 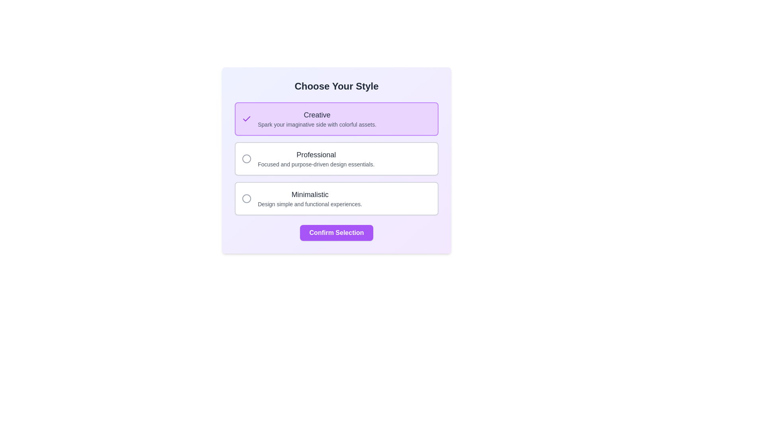 I want to click on the 'Creative' text label which is part of the first option in a vertical list of style choices, so click(x=316, y=115).